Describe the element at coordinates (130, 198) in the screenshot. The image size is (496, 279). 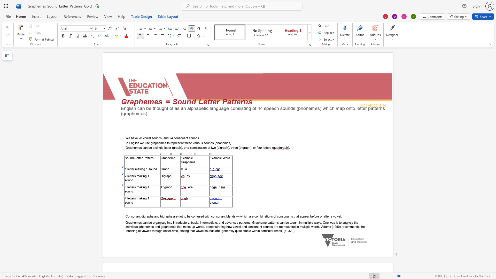
I see `the 1th character "t" in the text` at that location.